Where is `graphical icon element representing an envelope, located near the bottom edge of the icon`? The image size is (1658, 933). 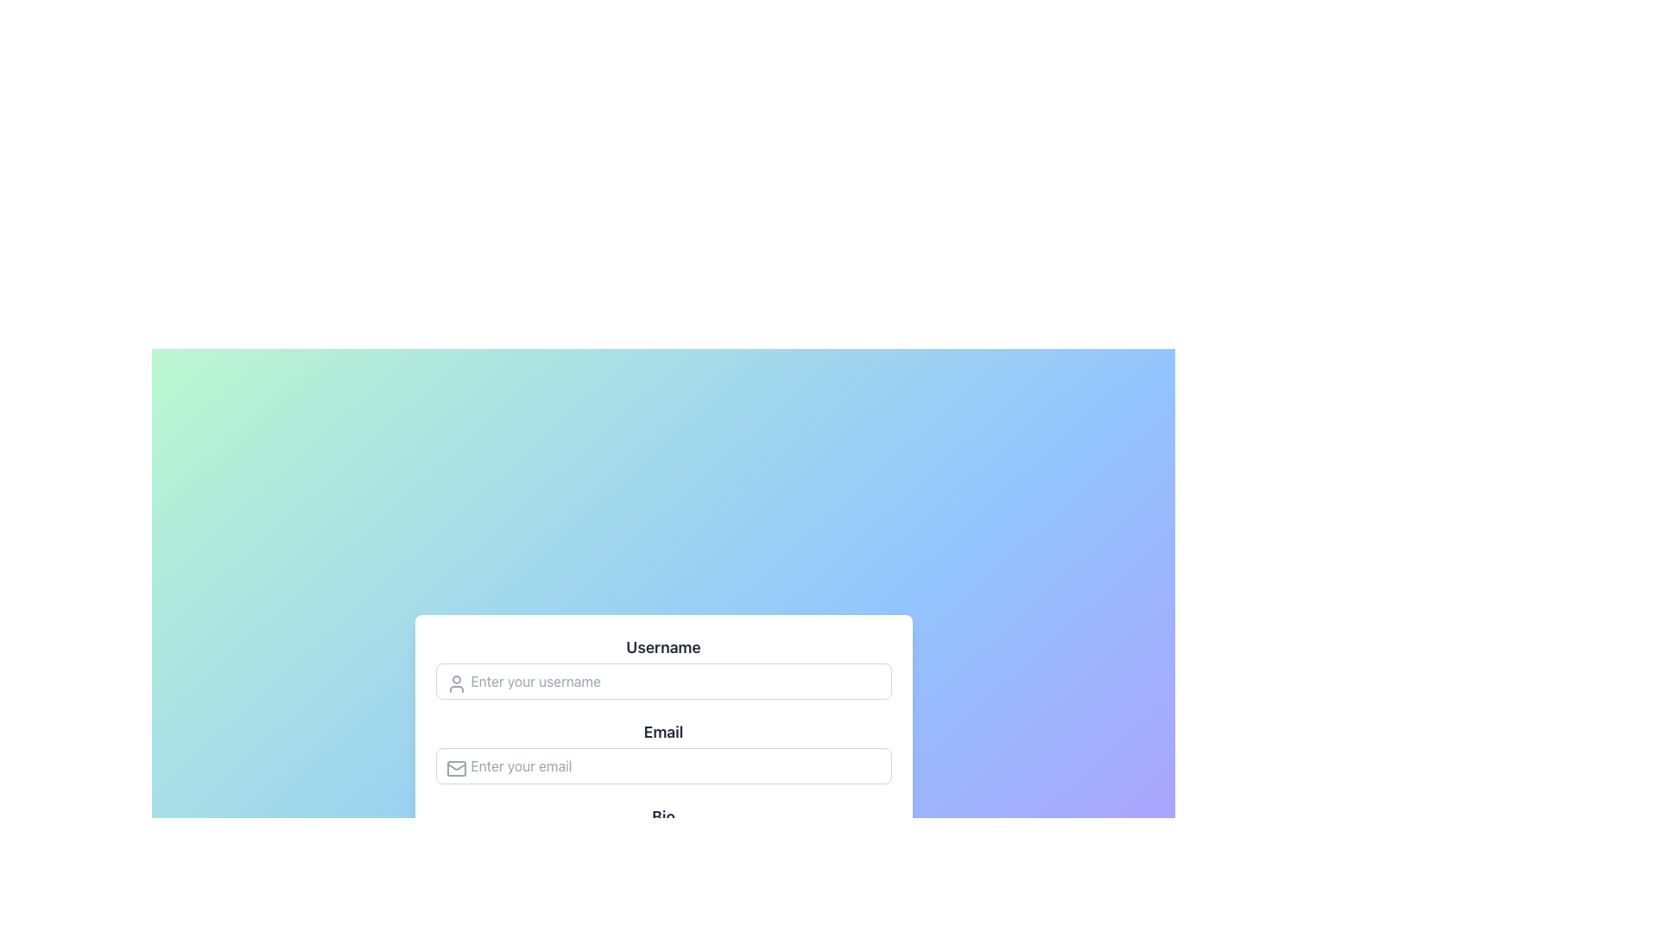 graphical icon element representing an envelope, located near the bottom edge of the icon is located at coordinates (456, 765).